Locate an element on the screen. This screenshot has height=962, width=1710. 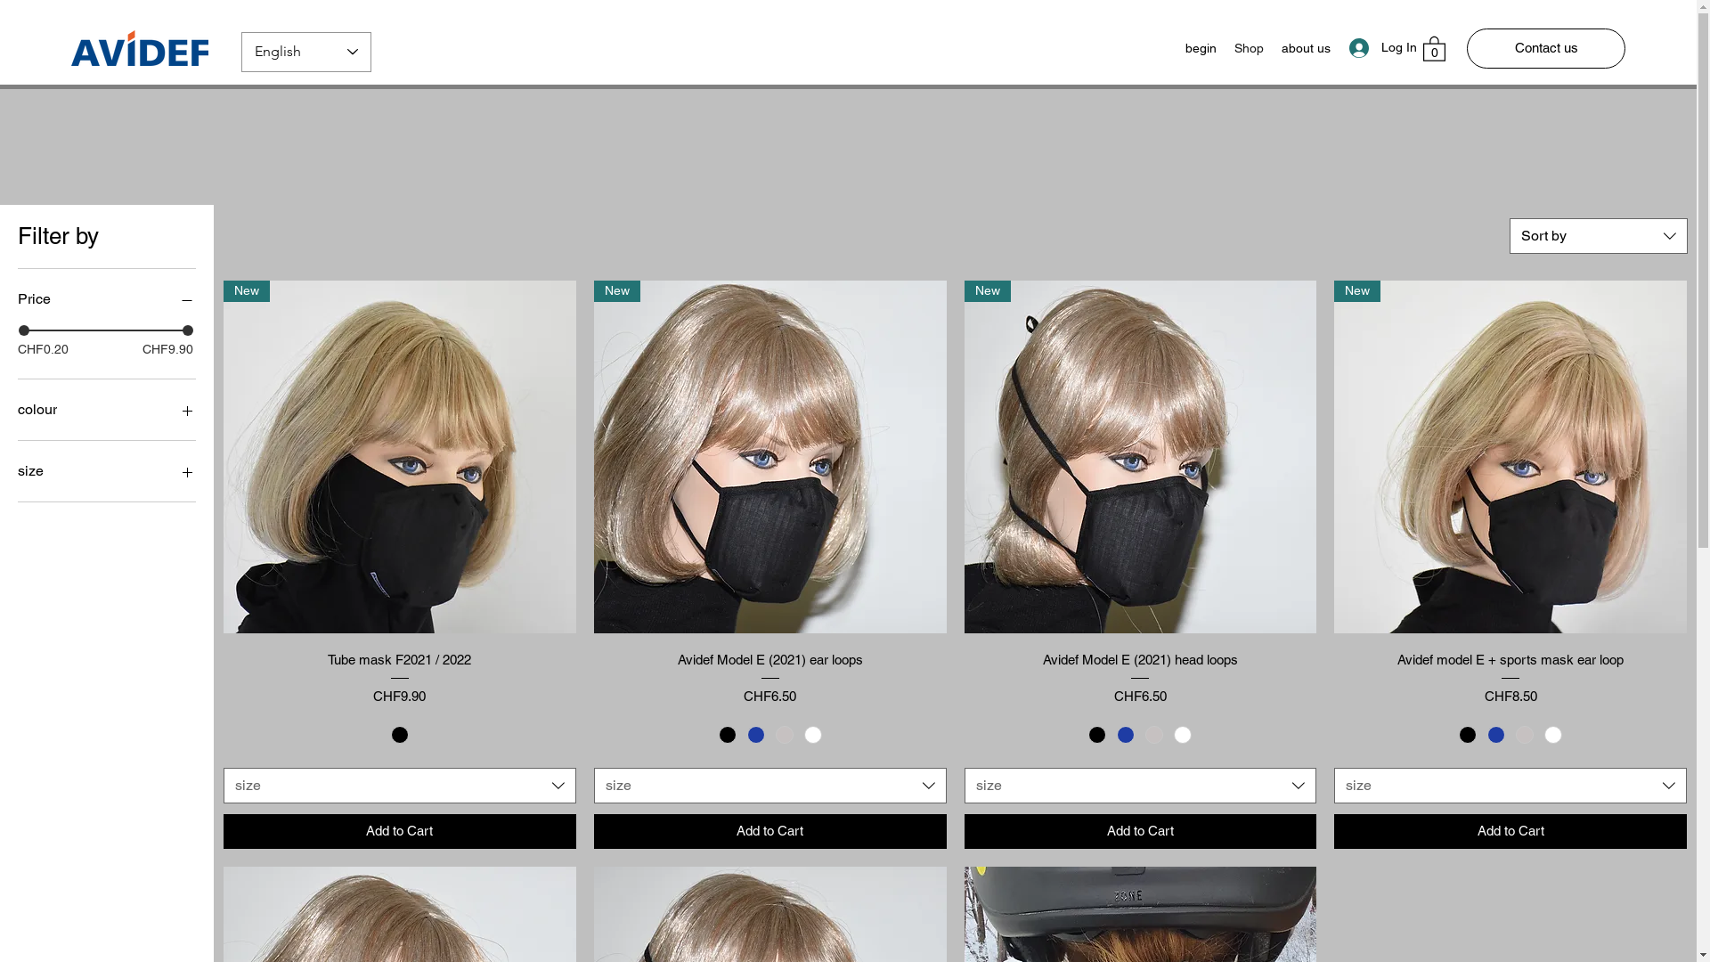
'Log In' is located at coordinates (1337, 46).